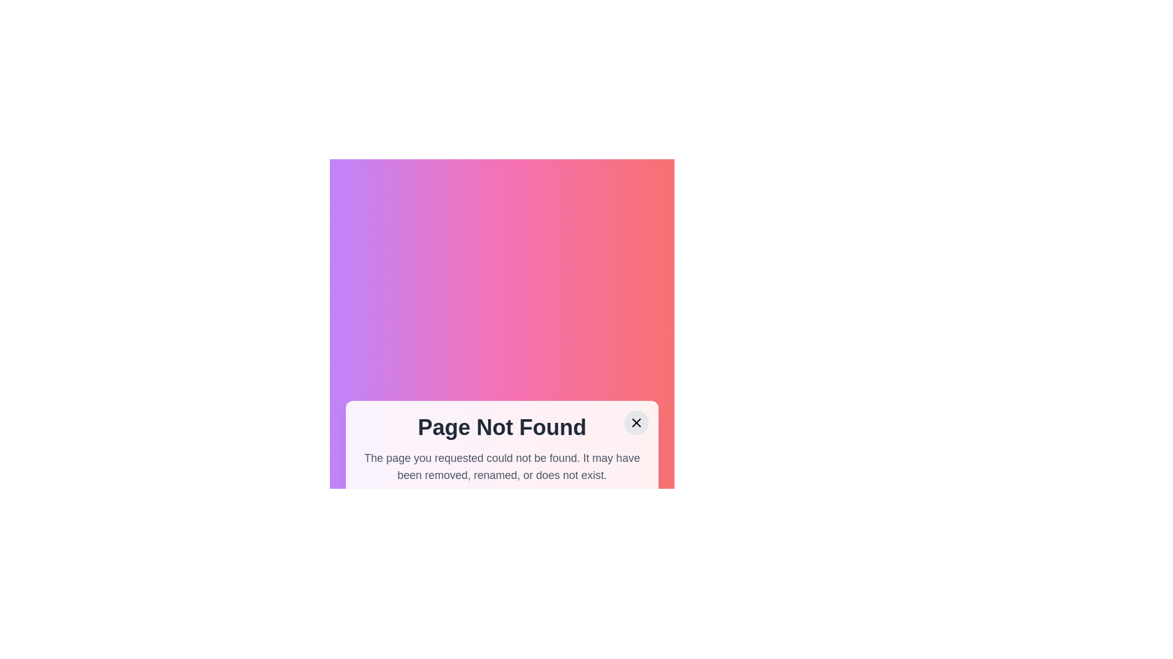  I want to click on information displayed in the 'Page Not Found' modal dialog box, which includes the title and descriptive message, so click(502, 467).